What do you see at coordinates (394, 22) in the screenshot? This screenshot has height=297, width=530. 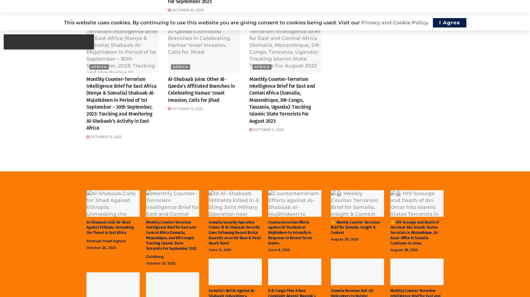 I see `'Privacy and Cookie Policy'` at bounding box center [394, 22].